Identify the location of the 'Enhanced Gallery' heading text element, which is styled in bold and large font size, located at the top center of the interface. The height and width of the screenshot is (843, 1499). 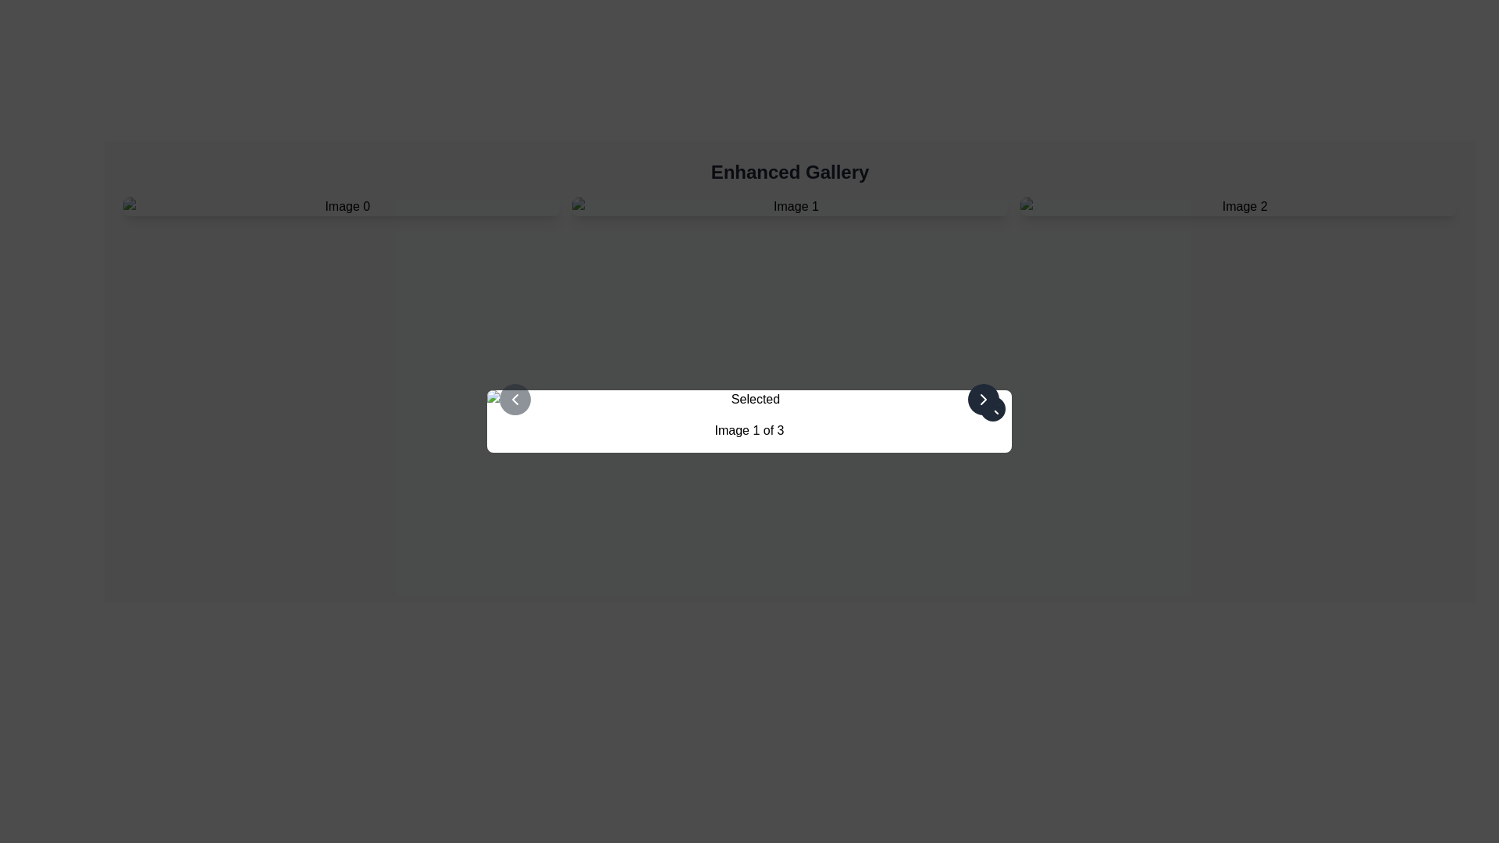
(790, 172).